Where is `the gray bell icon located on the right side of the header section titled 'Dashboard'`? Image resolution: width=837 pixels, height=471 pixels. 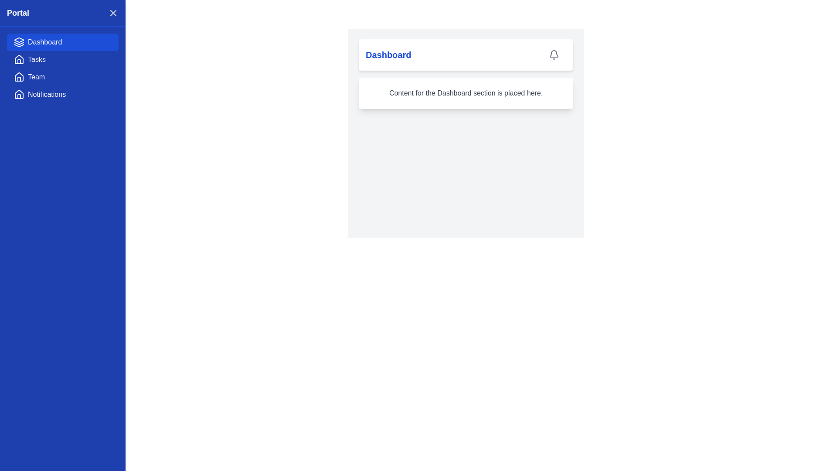
the gray bell icon located on the right side of the header section titled 'Dashboard' is located at coordinates (554, 55).